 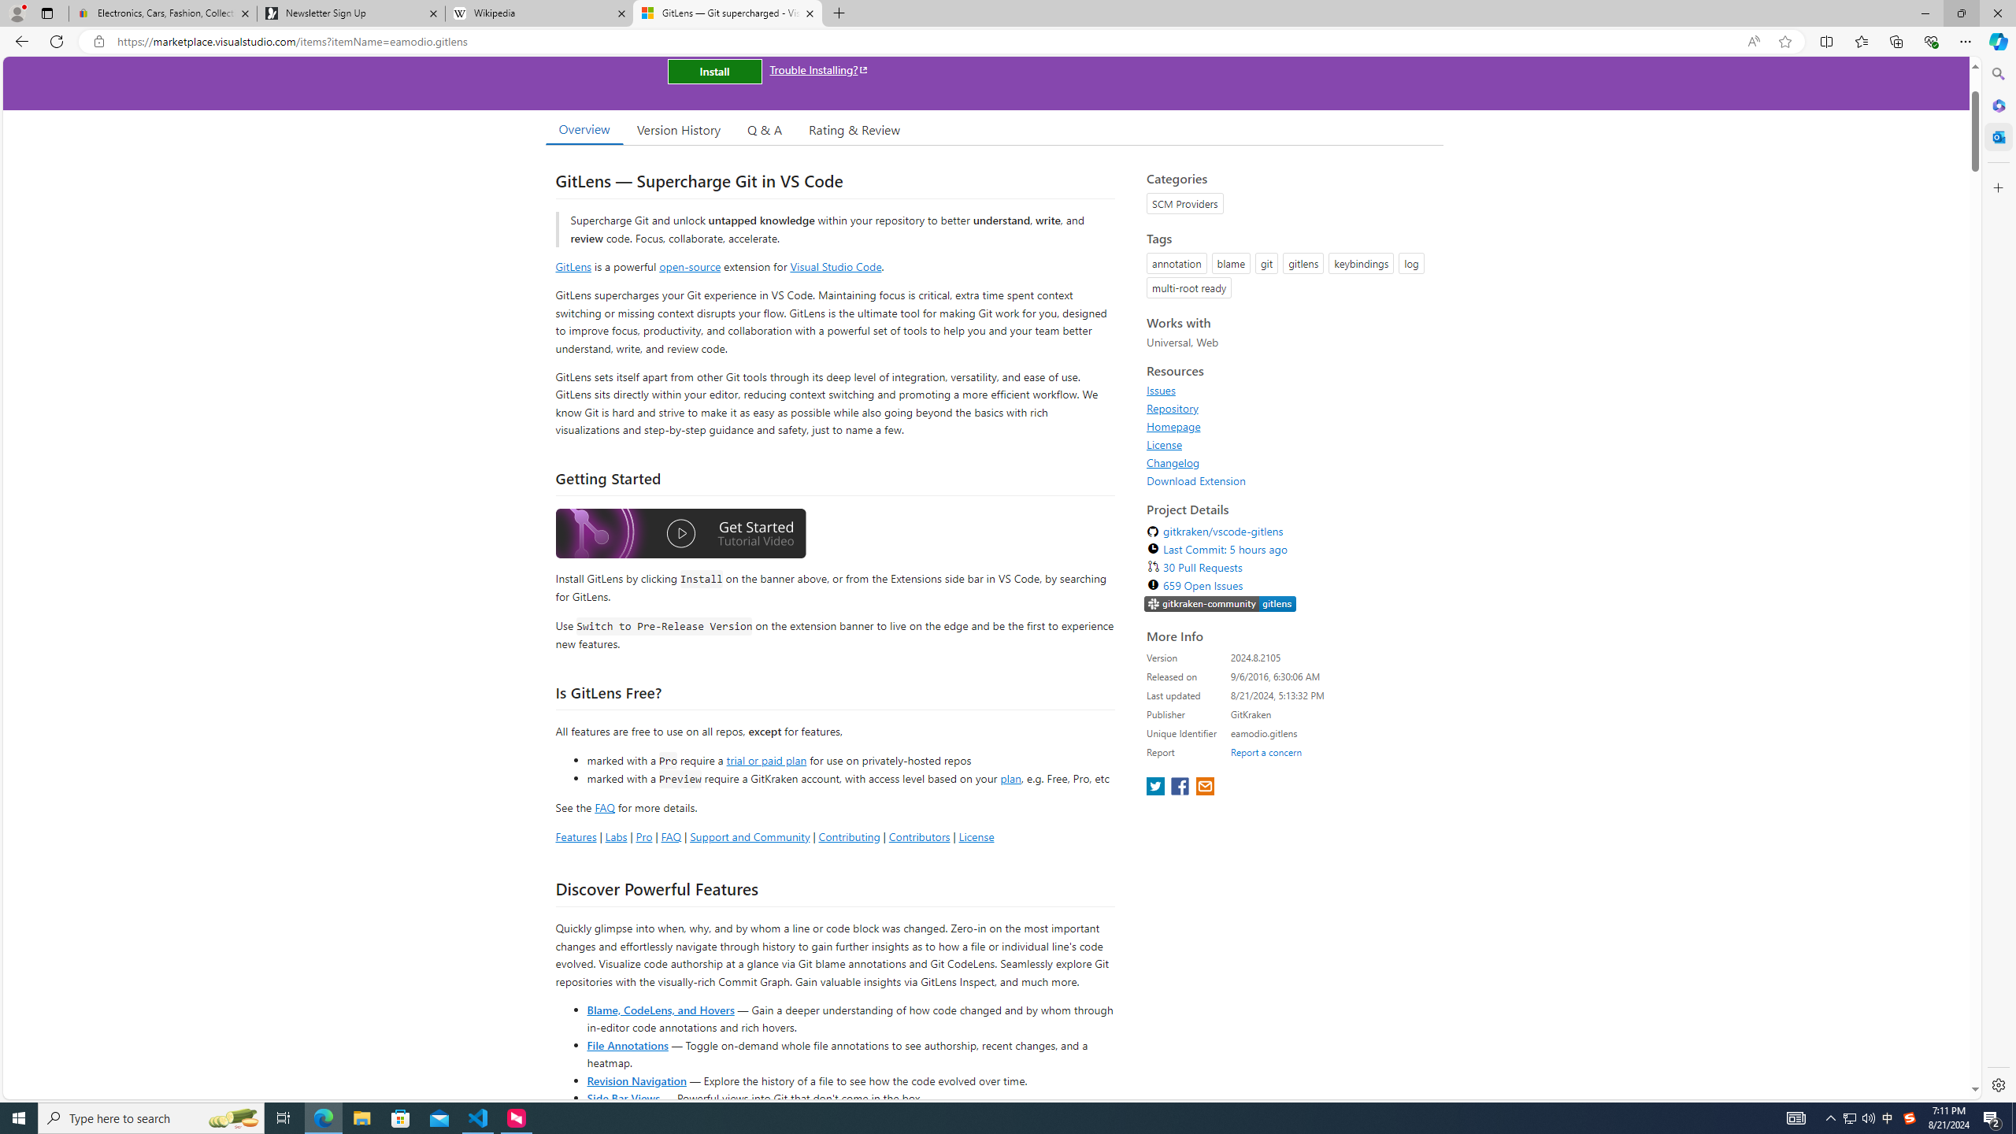 I want to click on 'Visual Studio Code', so click(x=836, y=265).